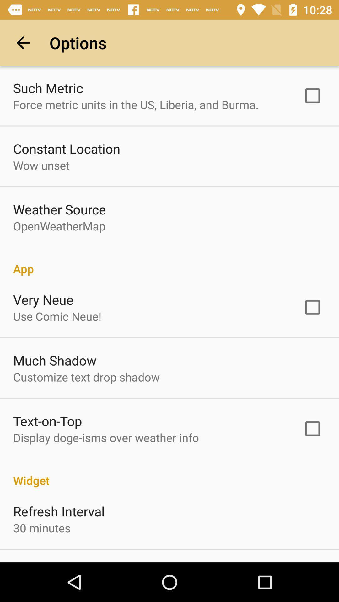 The width and height of the screenshot is (339, 602). What do you see at coordinates (59, 511) in the screenshot?
I see `item above the 30 minutes app` at bounding box center [59, 511].